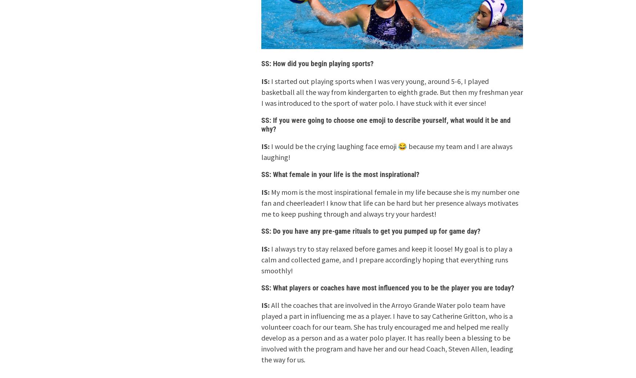  I want to click on 'I would be the crying laughing face emoji 😂 because my team and I are always laughing!', so click(387, 152).